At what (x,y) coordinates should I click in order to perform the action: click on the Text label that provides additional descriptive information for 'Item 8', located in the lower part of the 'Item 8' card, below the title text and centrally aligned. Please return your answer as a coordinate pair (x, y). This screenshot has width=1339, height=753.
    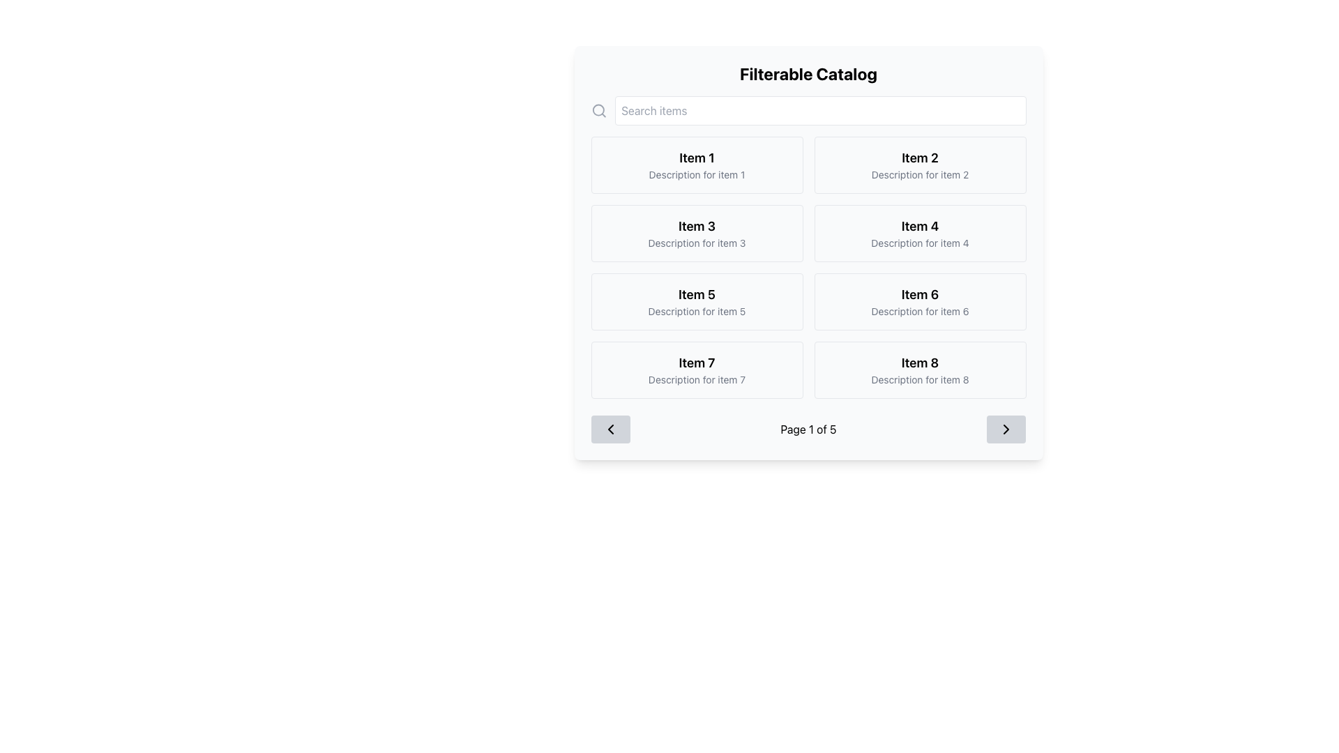
    Looking at the image, I should click on (920, 379).